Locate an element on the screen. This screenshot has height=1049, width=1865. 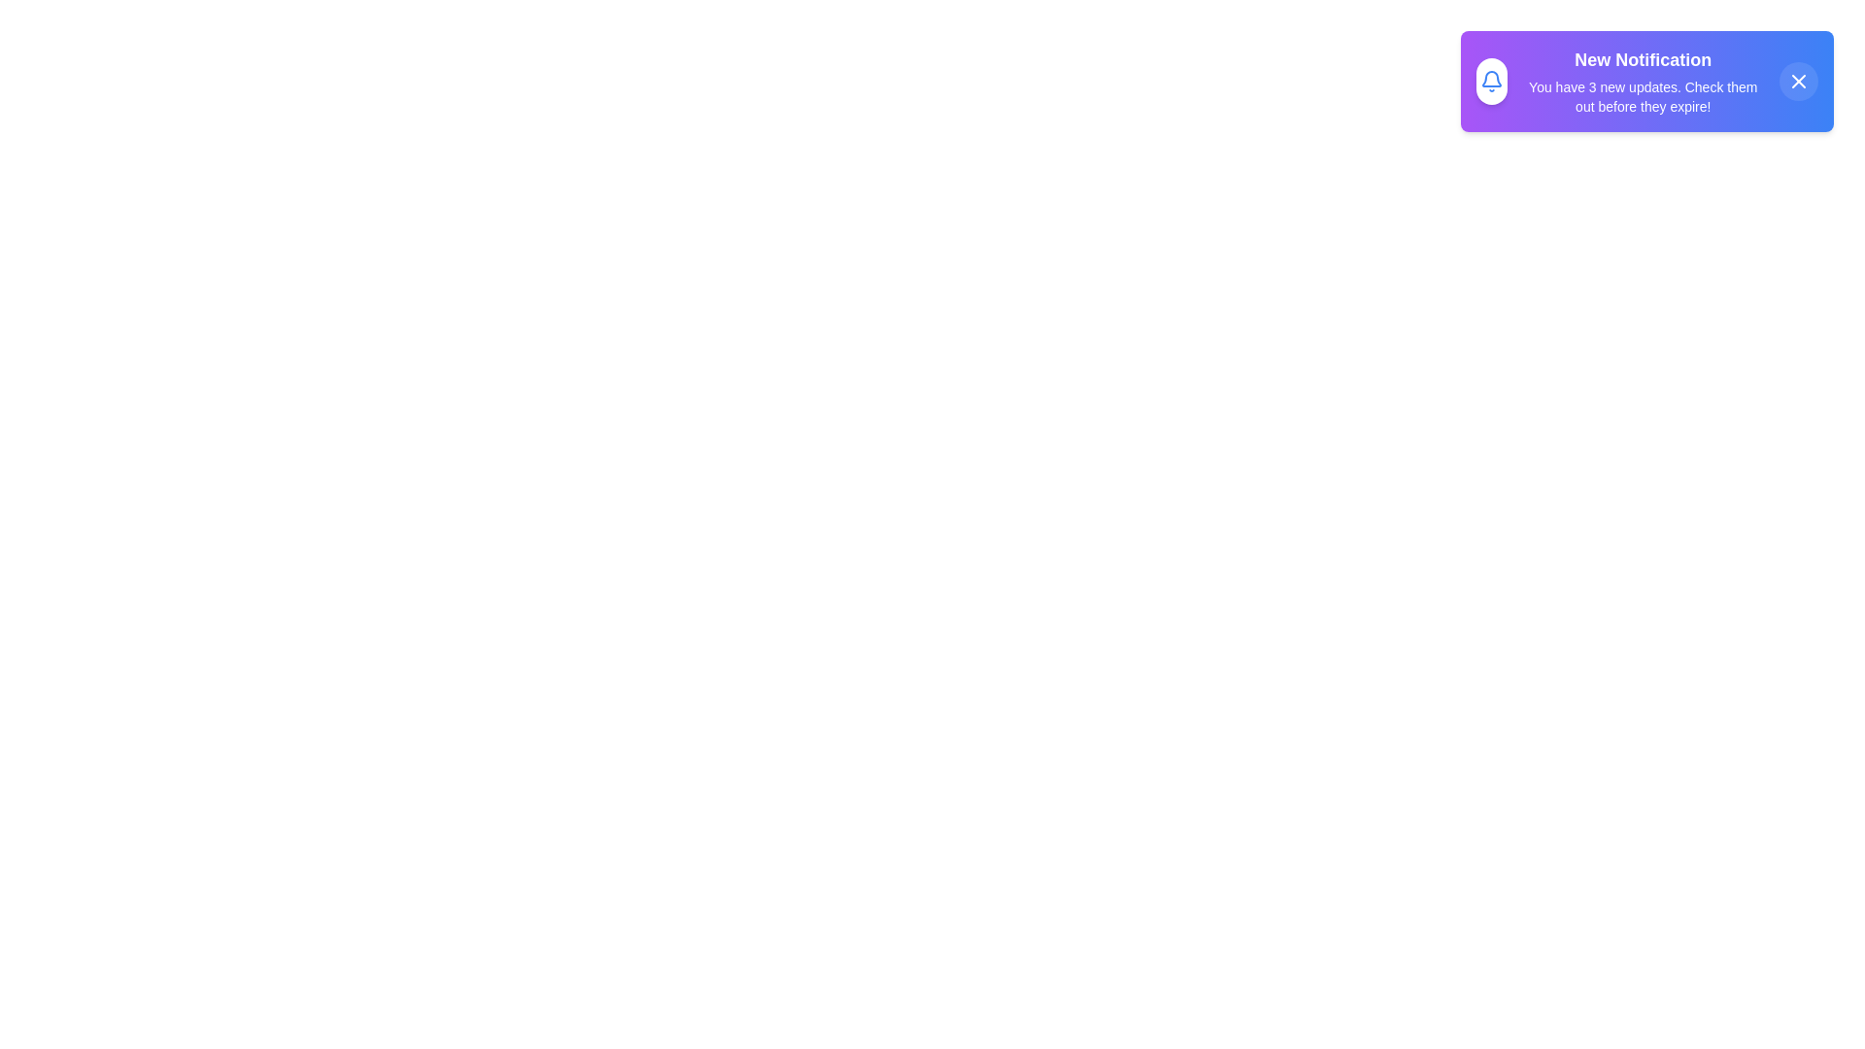
the notification bell icon is located at coordinates (1490, 81).